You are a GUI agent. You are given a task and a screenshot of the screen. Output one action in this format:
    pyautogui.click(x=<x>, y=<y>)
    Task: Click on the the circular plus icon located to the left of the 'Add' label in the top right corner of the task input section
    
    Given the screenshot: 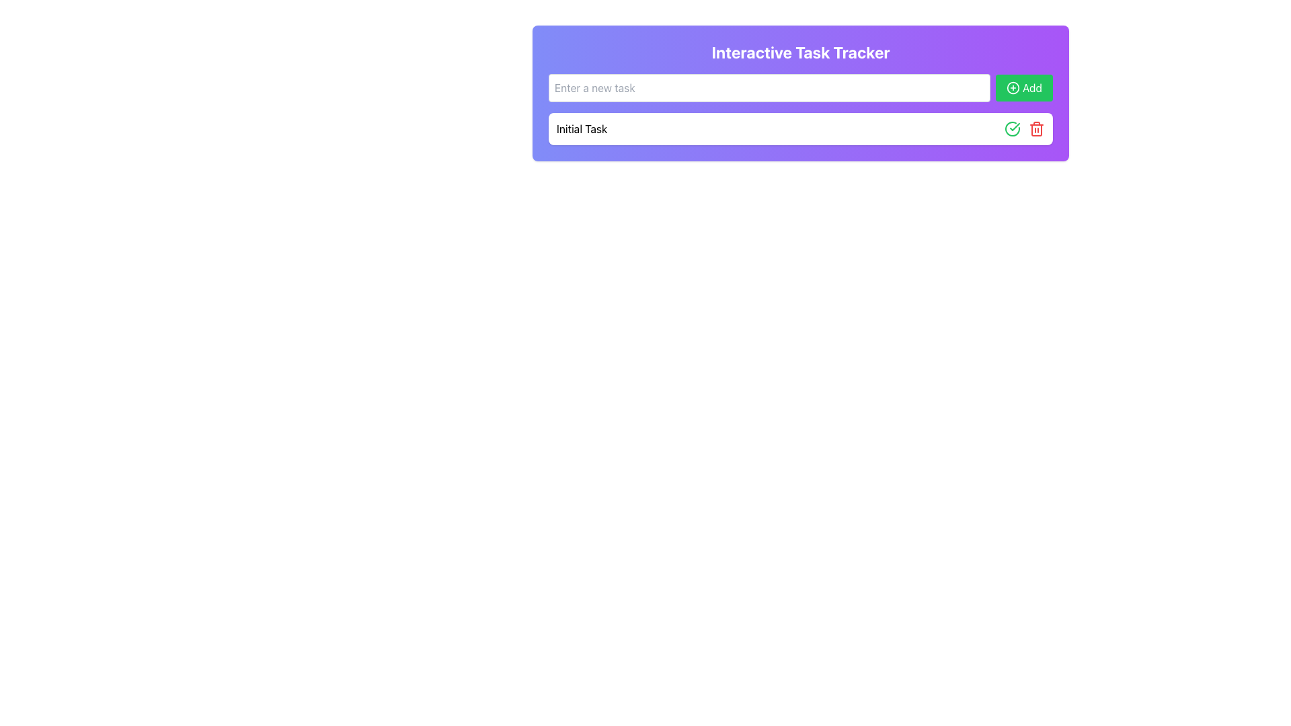 What is the action you would take?
    pyautogui.click(x=1013, y=88)
    